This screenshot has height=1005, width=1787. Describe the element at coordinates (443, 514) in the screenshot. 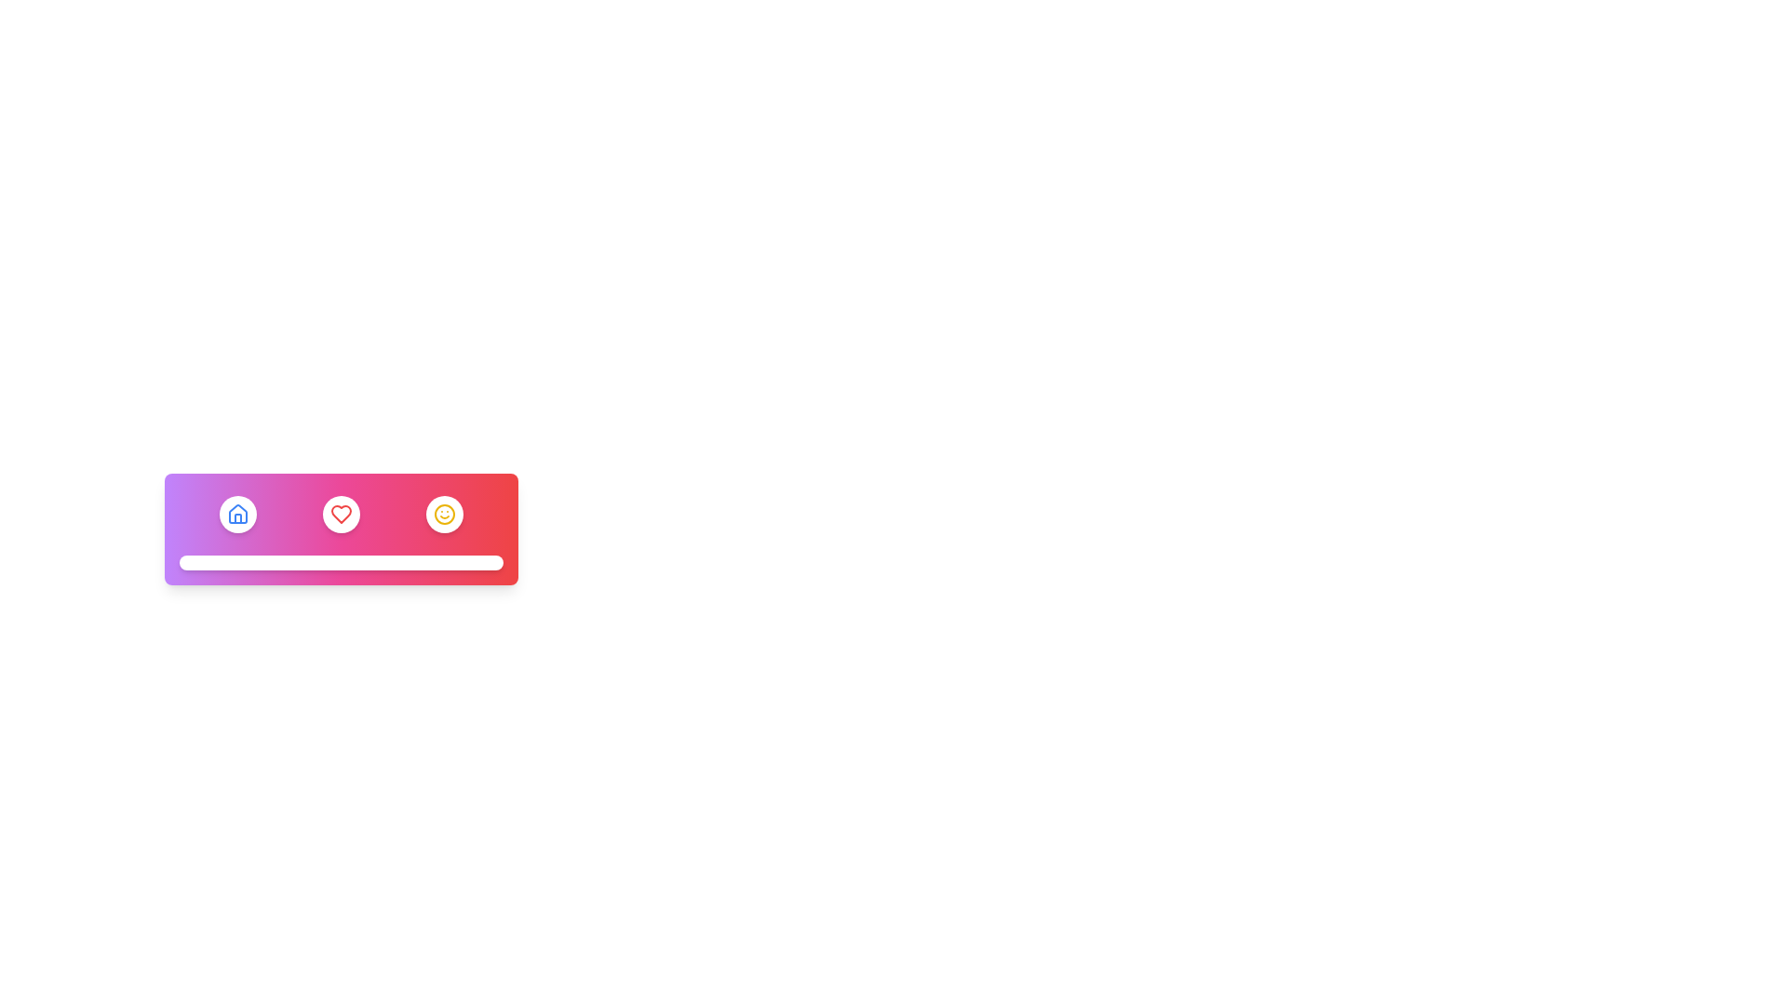

I see `the circular smiley face SVG icon with a yellow outline located on the rightmost side of the gradient-colored rectangular bar at the bottom of the layout` at that location.